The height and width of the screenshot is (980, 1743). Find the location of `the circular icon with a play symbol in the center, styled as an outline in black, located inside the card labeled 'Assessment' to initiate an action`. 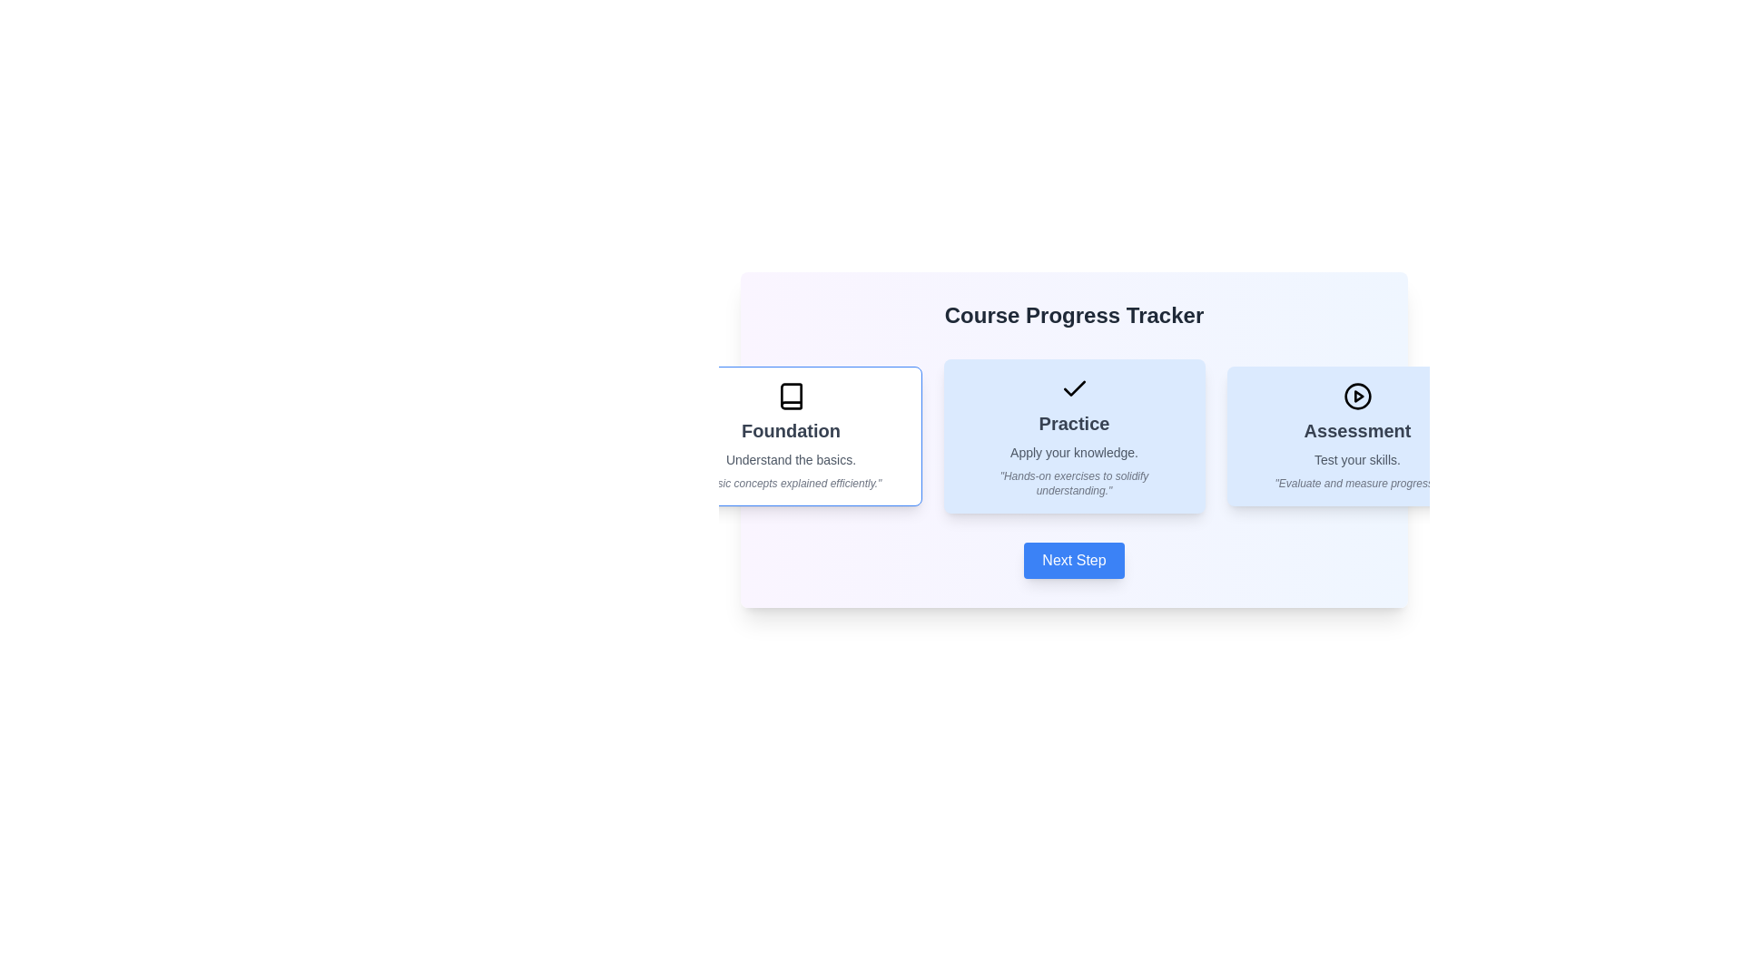

the circular icon with a play symbol in the center, styled as an outline in black, located inside the card labeled 'Assessment' to initiate an action is located at coordinates (1357, 395).